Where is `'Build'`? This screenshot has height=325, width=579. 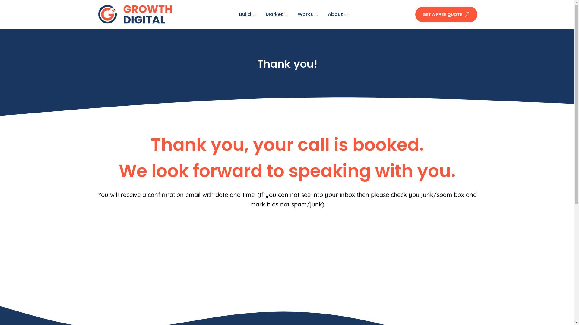 'Build' is located at coordinates (248, 14).